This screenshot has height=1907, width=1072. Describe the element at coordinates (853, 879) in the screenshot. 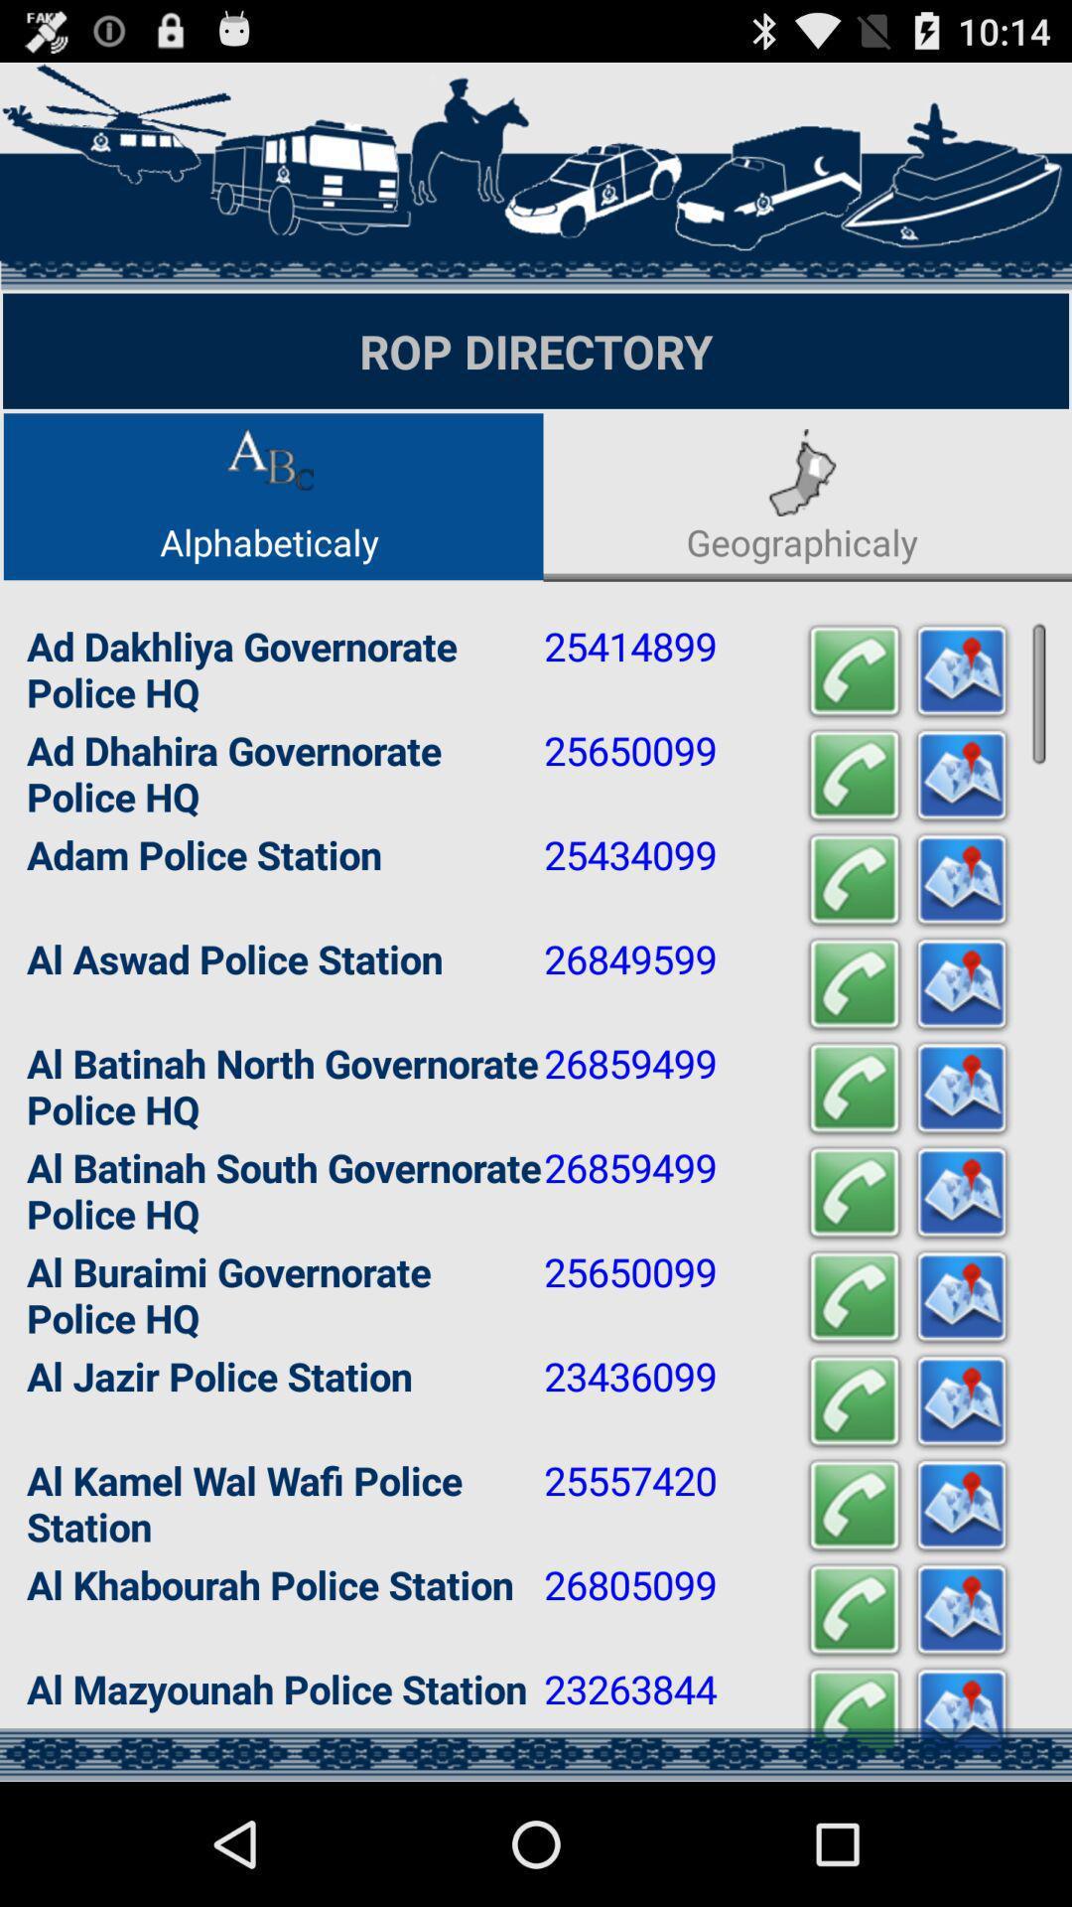

I see `blinking call button` at that location.